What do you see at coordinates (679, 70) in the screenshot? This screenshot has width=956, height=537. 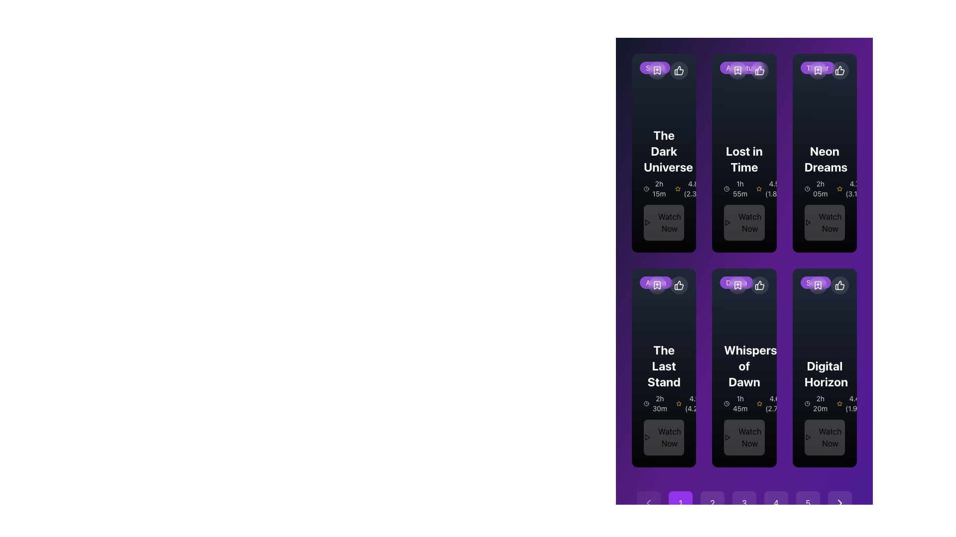 I see `the thumbs-up icon, which serves as a visual indicator for liking or approving content, located in the top-right area of a card-like structure` at bounding box center [679, 70].